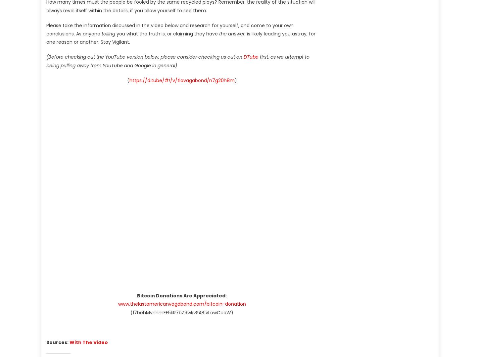 The height and width of the screenshot is (357, 480). What do you see at coordinates (101, 33) in the screenshot?
I see `'telling'` at bounding box center [101, 33].